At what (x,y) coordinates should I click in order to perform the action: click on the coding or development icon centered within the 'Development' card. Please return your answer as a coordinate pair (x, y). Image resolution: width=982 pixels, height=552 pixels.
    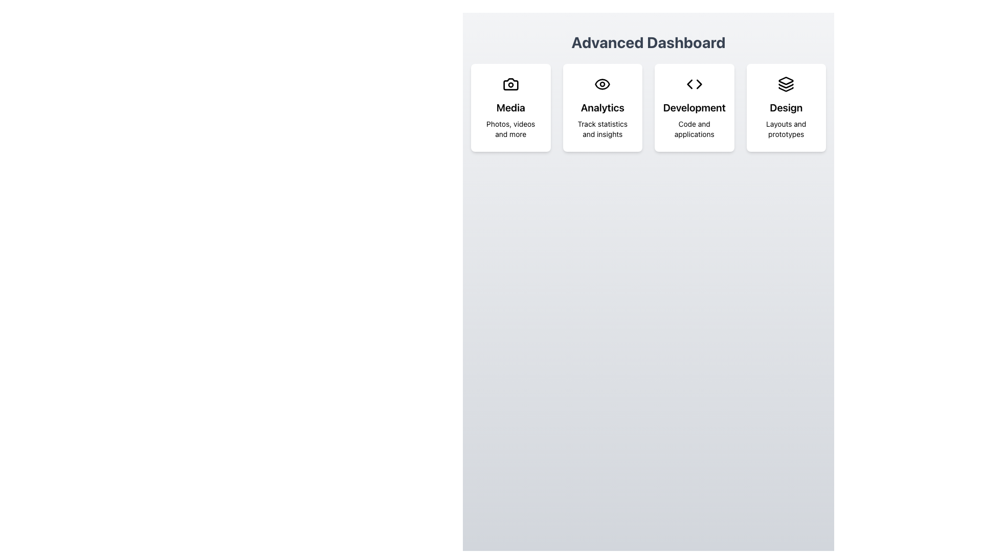
    Looking at the image, I should click on (694, 84).